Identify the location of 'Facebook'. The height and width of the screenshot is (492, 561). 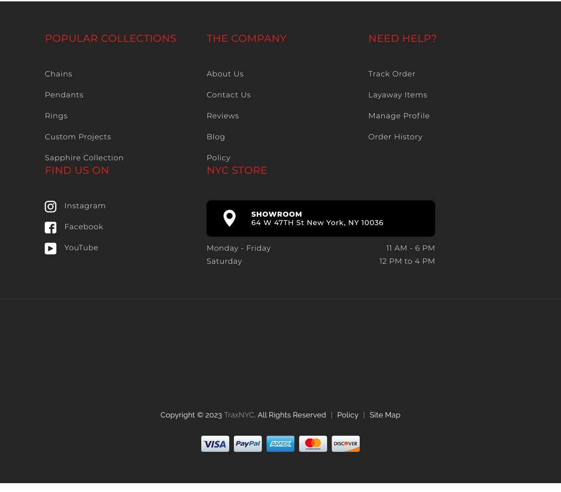
(83, 226).